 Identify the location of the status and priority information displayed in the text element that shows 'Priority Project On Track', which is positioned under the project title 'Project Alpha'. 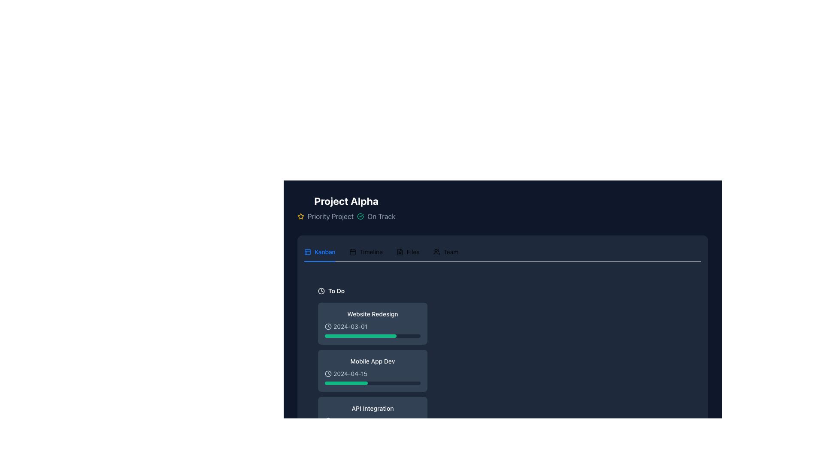
(346, 216).